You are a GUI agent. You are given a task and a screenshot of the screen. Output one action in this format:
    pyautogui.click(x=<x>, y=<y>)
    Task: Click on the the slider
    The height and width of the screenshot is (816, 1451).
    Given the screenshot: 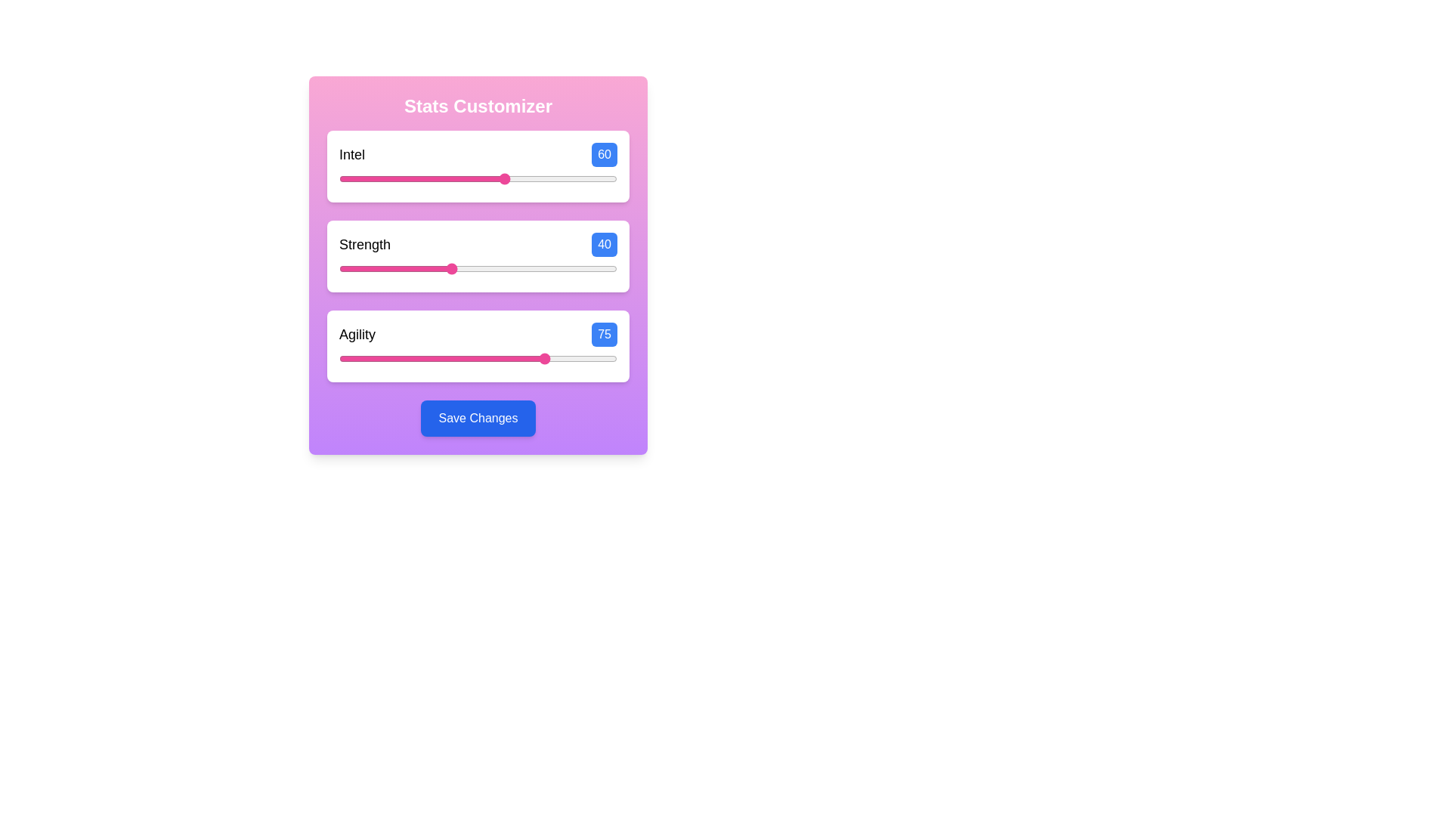 What is the action you would take?
    pyautogui.click(x=486, y=178)
    